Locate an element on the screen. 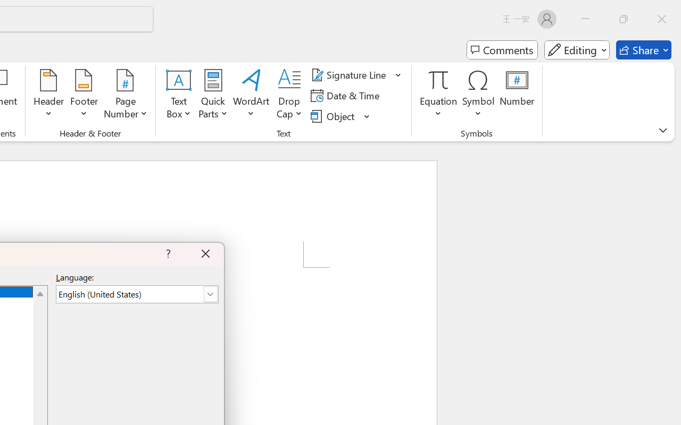 This screenshot has height=425, width=681. 'Quick Parts' is located at coordinates (213, 95).